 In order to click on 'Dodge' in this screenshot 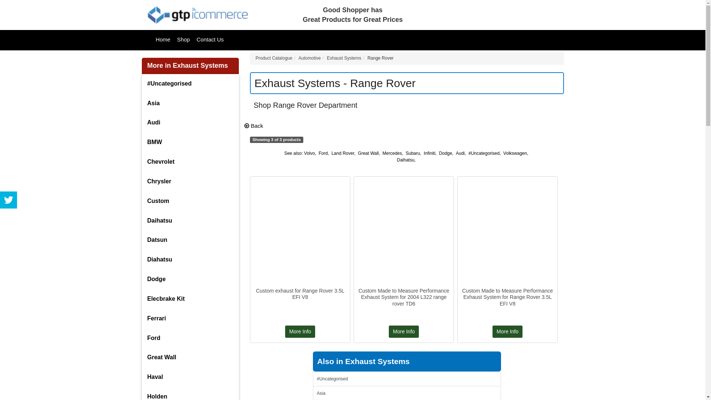, I will do `click(190, 279)`.